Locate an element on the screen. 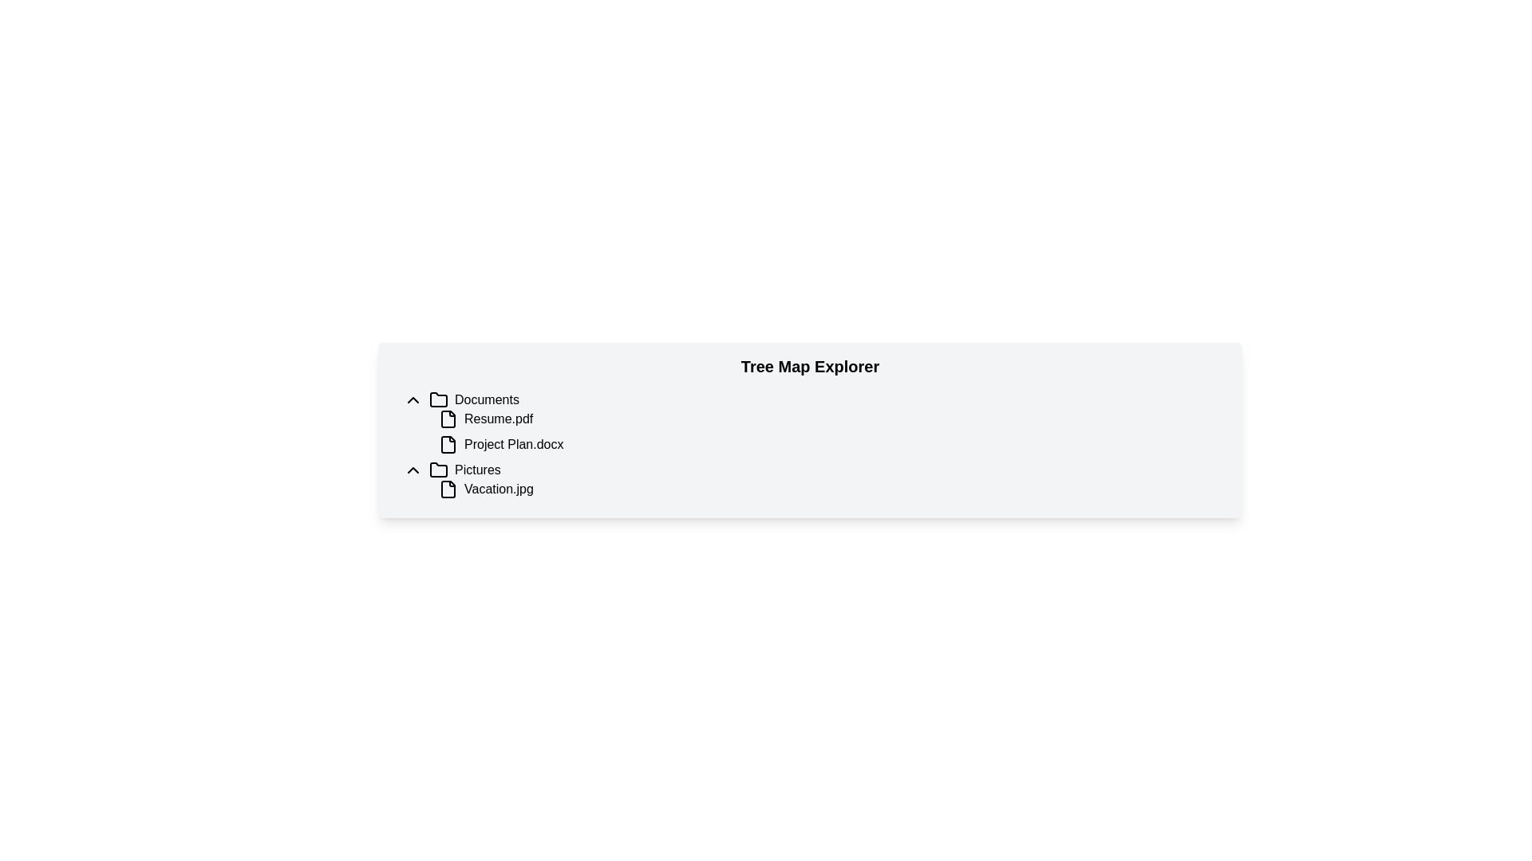 This screenshot has height=861, width=1532. the text label displaying 'Documents' in bold font style, which is part of a horizontal menu alongside a folder icon and an arrow symbol is located at coordinates (486, 399).